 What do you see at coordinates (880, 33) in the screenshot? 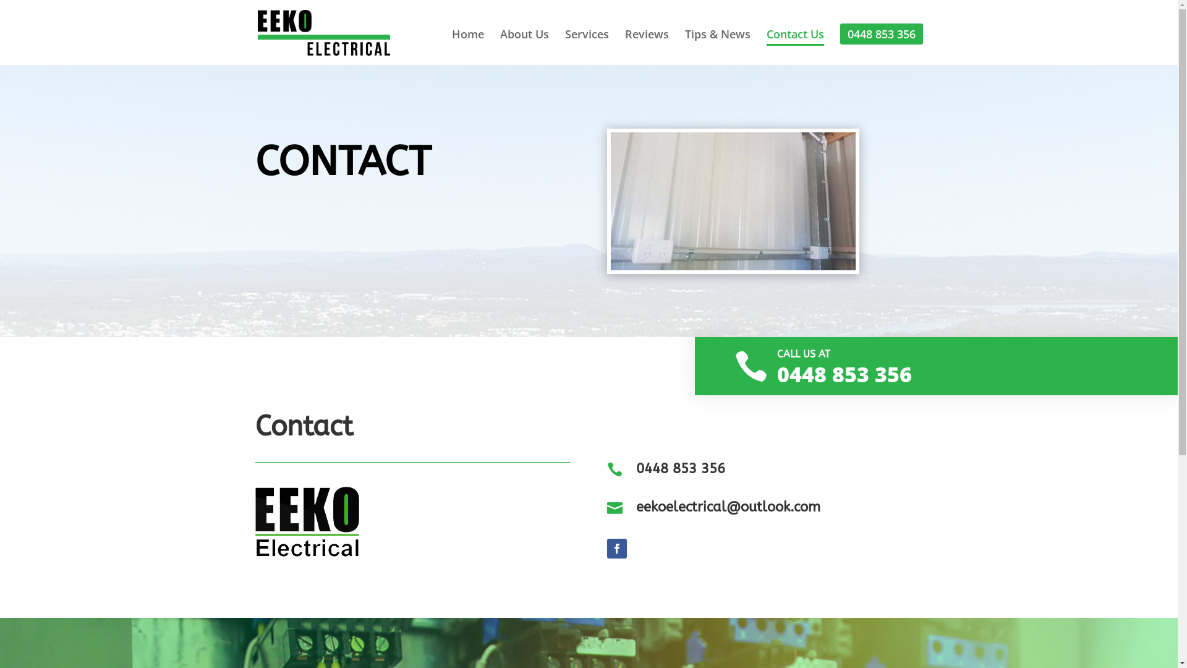
I see `'0448 853 356'` at bounding box center [880, 33].